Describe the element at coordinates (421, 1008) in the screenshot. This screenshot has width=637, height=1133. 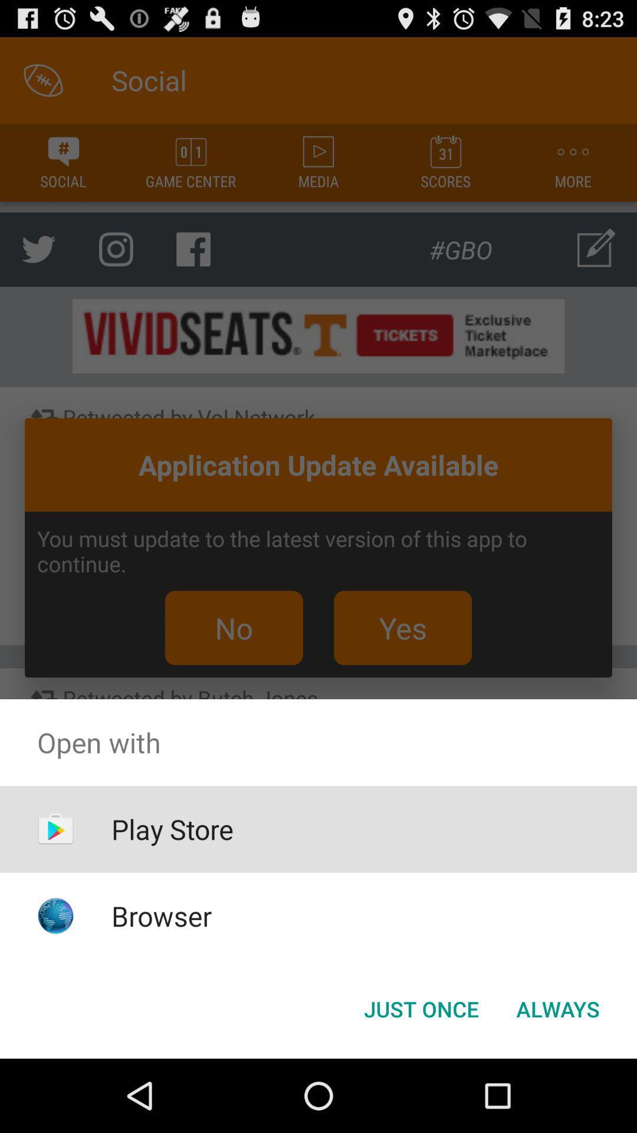
I see `just once` at that location.